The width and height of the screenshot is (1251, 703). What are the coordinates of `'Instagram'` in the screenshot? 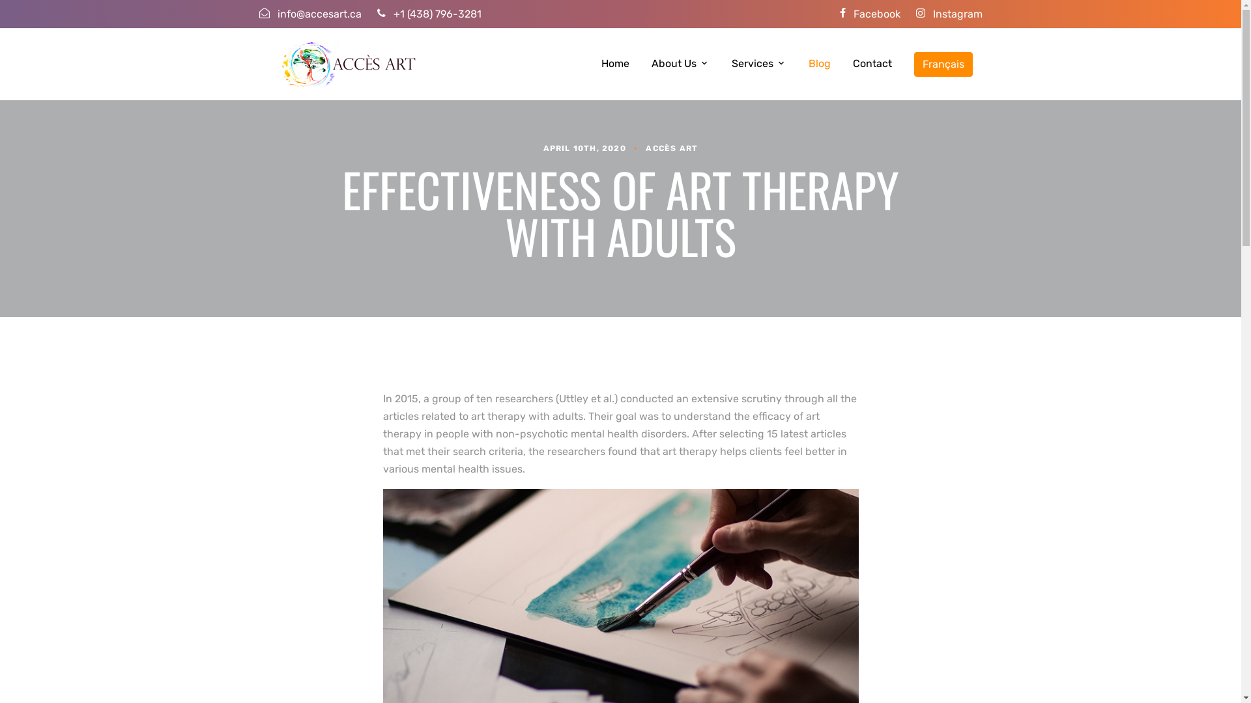 It's located at (949, 14).